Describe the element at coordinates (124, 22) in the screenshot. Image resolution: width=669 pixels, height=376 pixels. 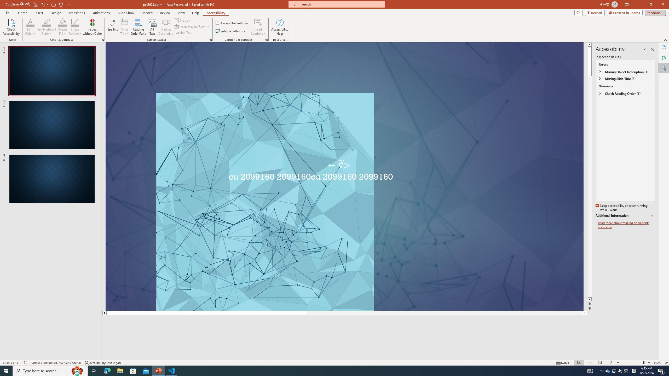
I see `'Slide Title'` at that location.